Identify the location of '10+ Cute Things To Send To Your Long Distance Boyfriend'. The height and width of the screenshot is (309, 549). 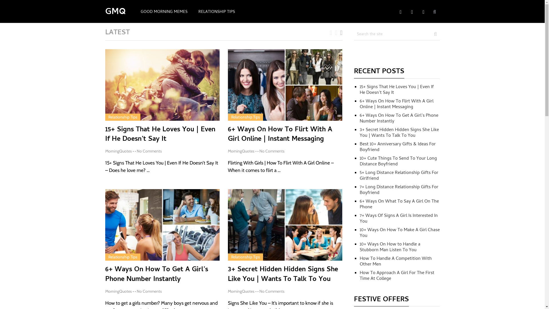
(398, 161).